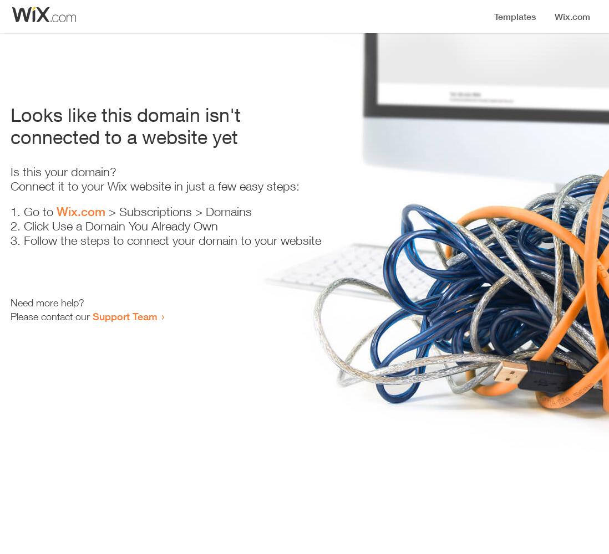  I want to click on 'Please contact our', so click(9, 316).